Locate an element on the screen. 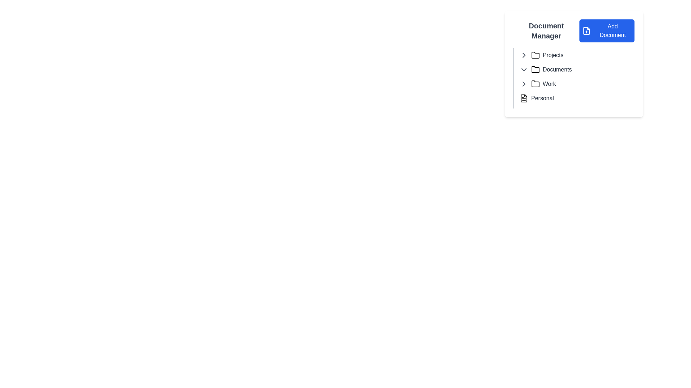 The image size is (691, 388). text label that serves as the title or header for the section, positioned to the left of the 'Add Document' button is located at coordinates (546, 30).